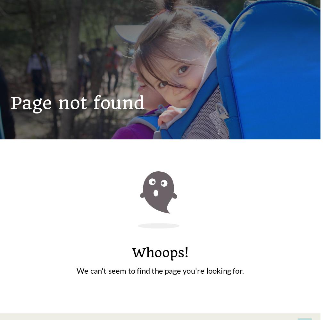 The image size is (324, 320). What do you see at coordinates (167, 188) in the screenshot?
I see `'The Friends of the Middlesex Fells'` at bounding box center [167, 188].